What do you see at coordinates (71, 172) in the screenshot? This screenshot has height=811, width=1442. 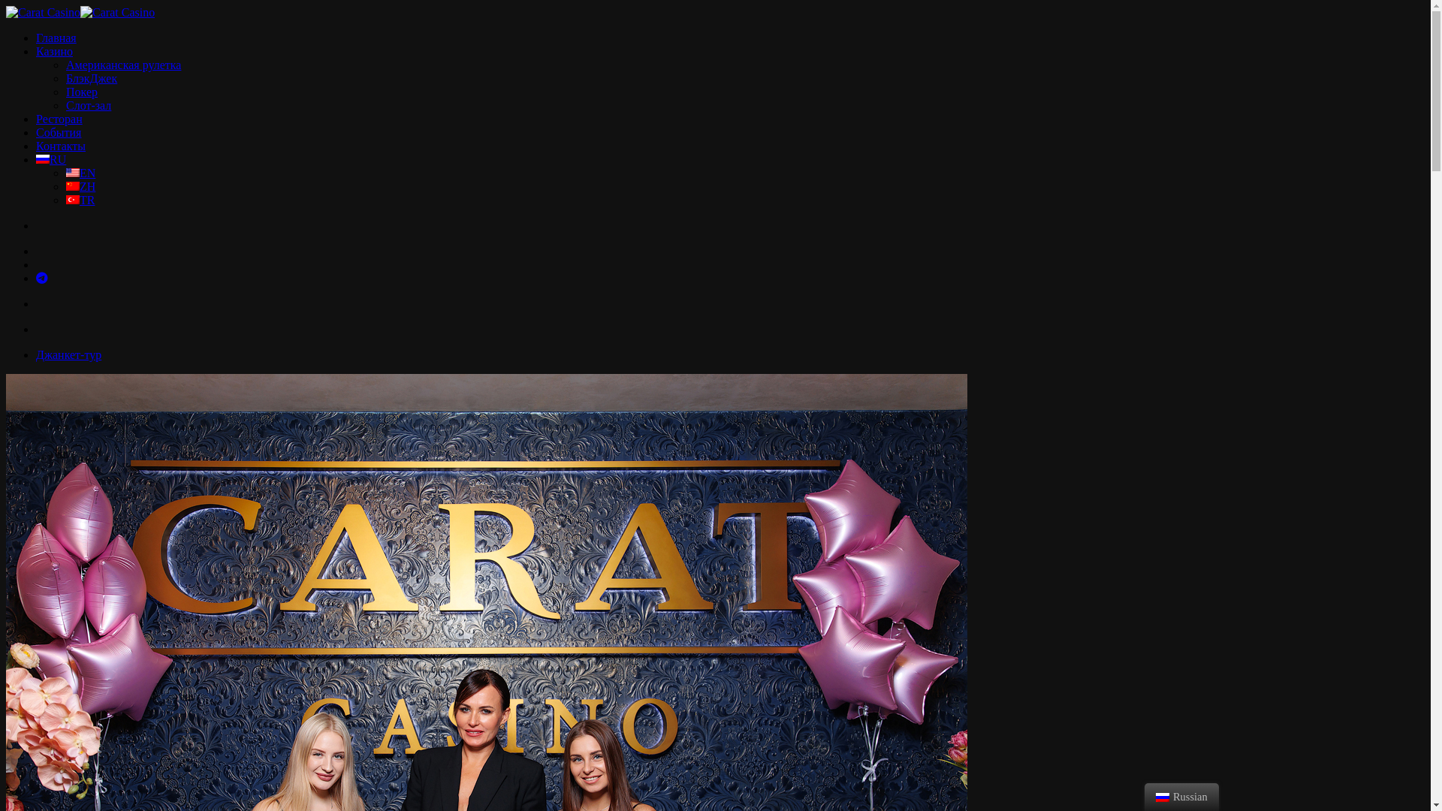 I see `'English'` at bounding box center [71, 172].